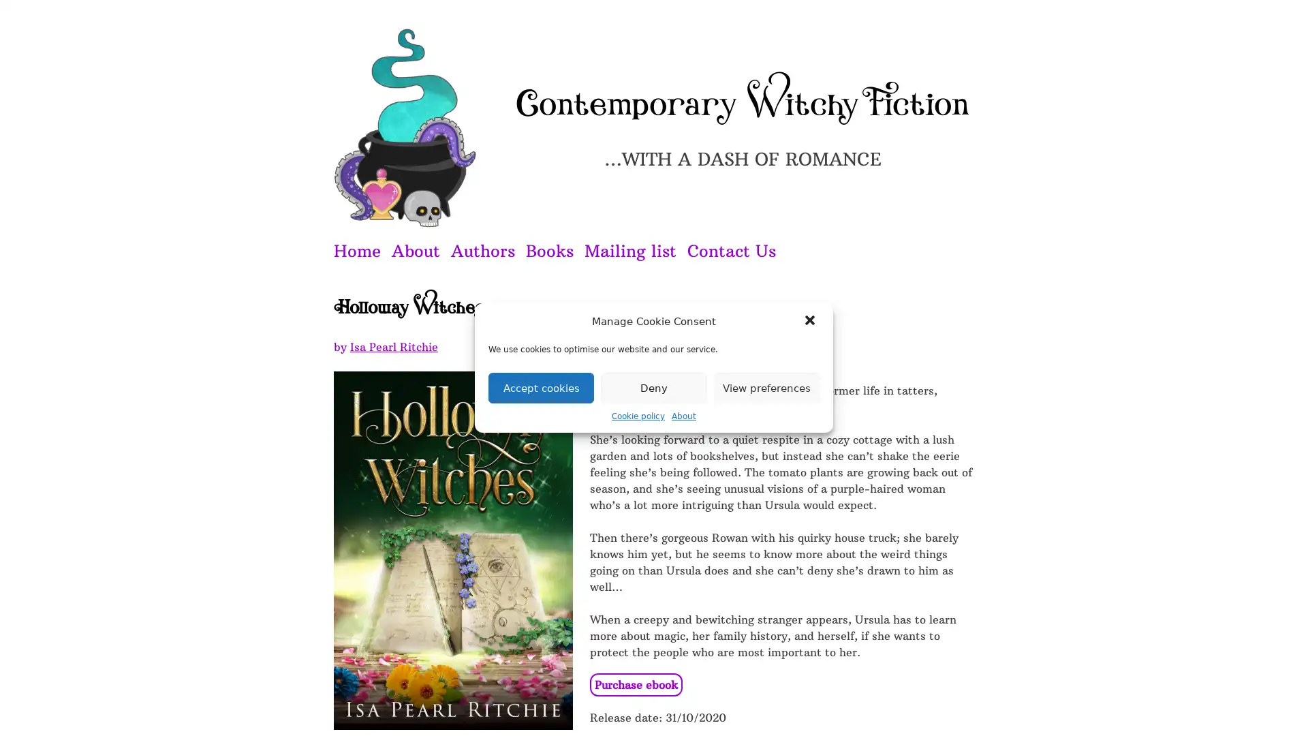 The width and height of the screenshot is (1308, 736). What do you see at coordinates (766, 388) in the screenshot?
I see `View preferences` at bounding box center [766, 388].